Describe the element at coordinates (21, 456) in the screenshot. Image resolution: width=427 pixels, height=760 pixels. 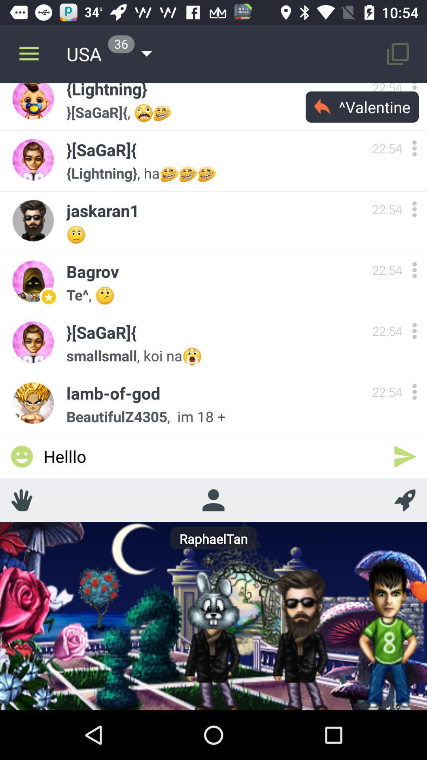
I see `icon to the left of helllo item` at that location.